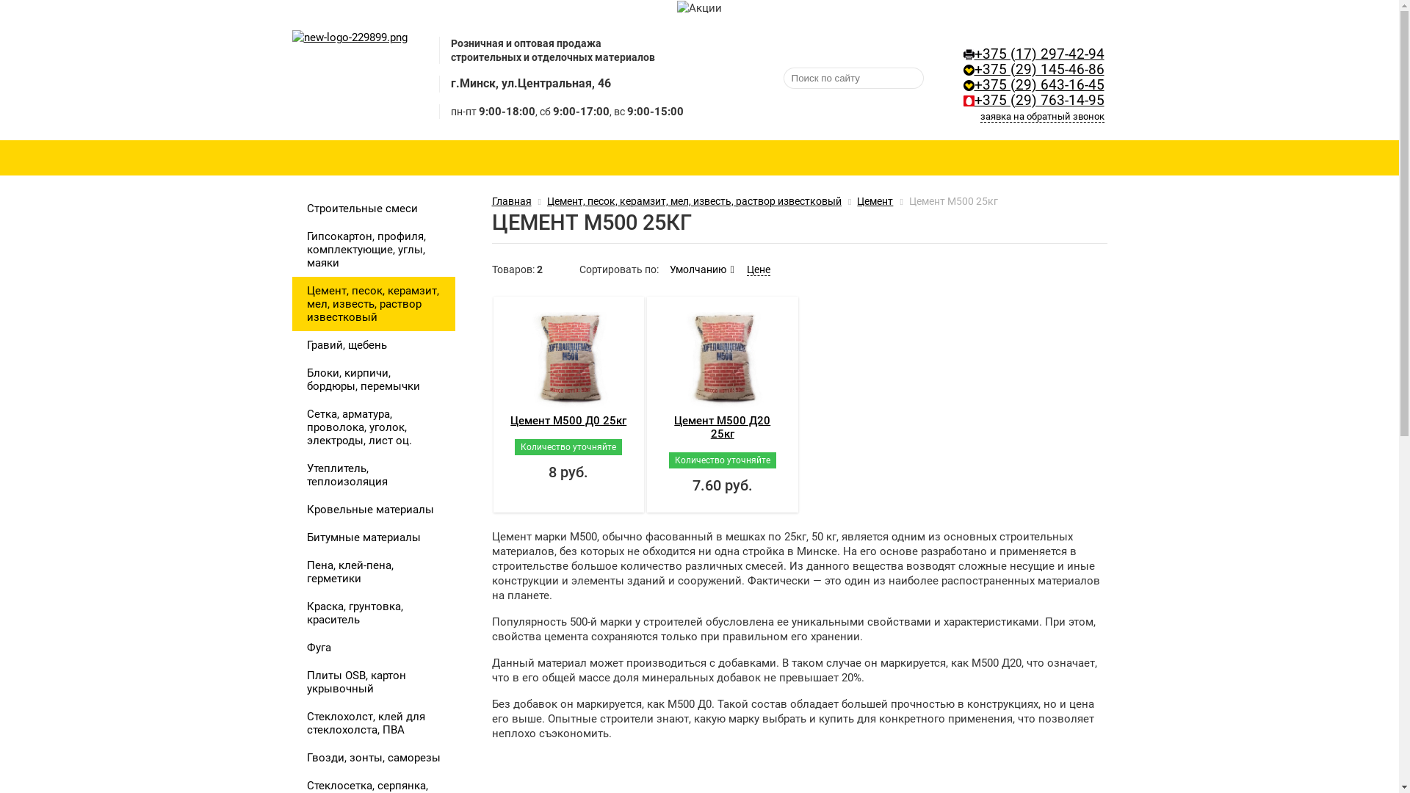 The width and height of the screenshot is (1410, 793). What do you see at coordinates (1038, 84) in the screenshot?
I see `'+375 (29) 643-16-45'` at bounding box center [1038, 84].